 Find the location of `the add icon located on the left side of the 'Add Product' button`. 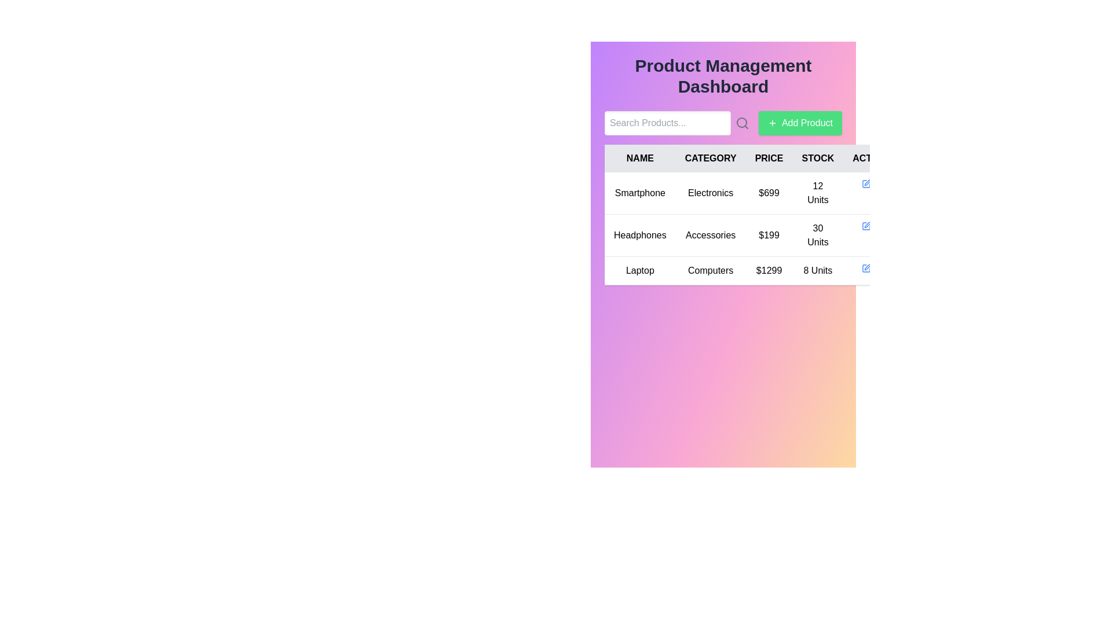

the add icon located on the left side of the 'Add Product' button is located at coordinates (773, 123).